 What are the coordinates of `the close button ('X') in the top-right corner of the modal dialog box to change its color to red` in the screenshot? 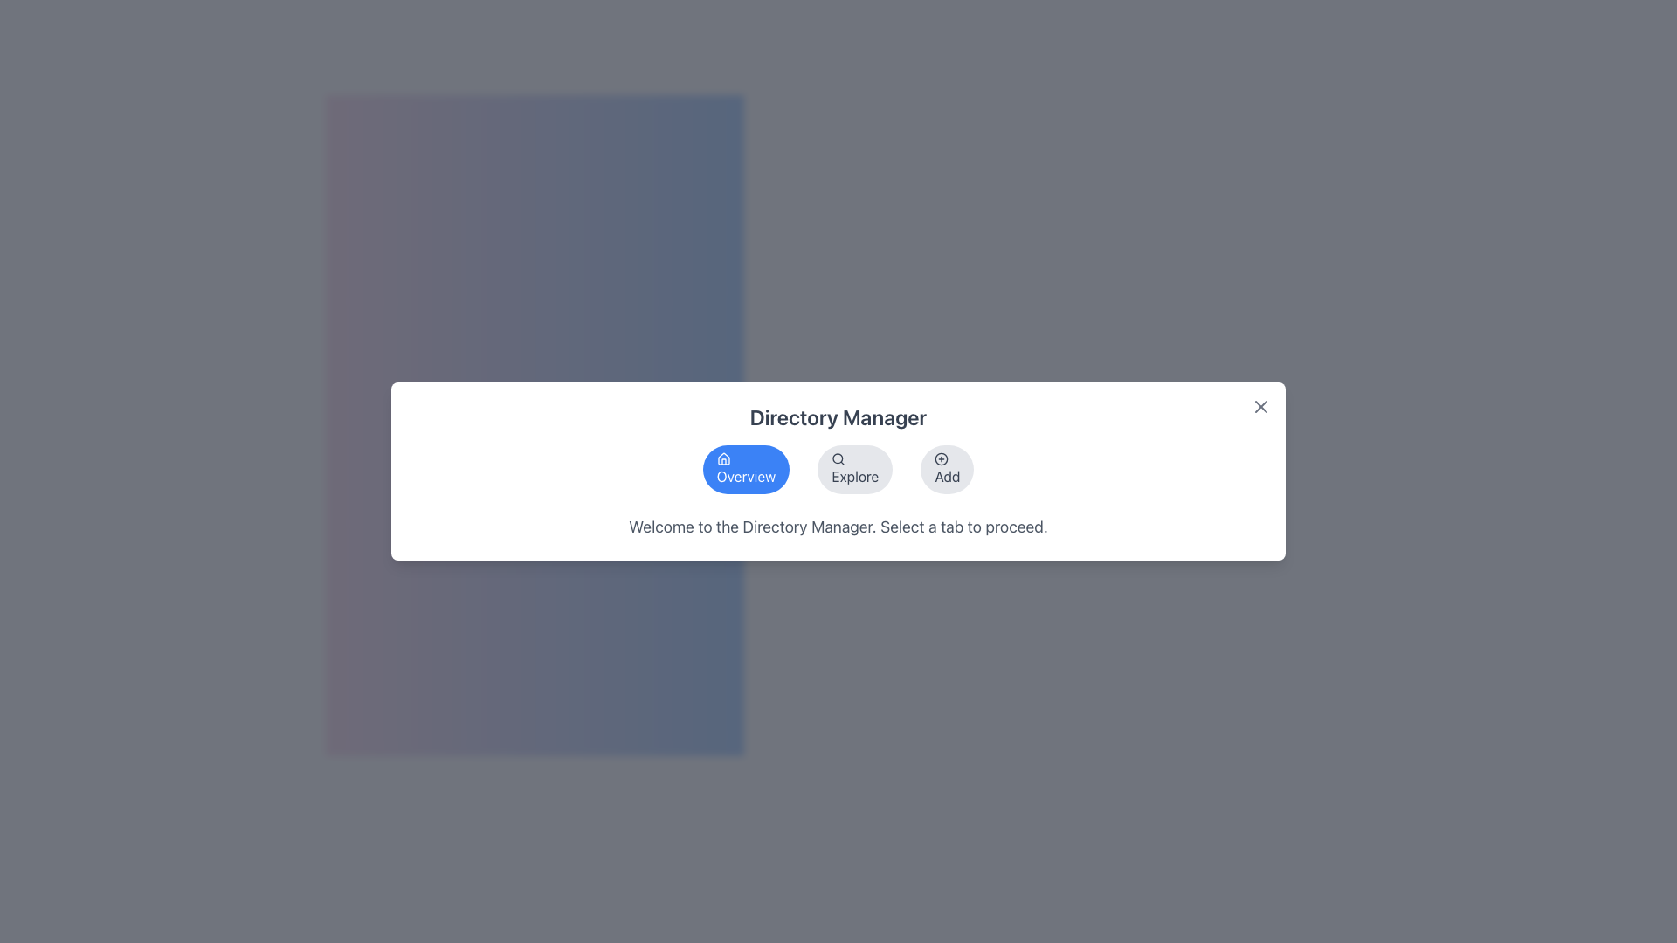 It's located at (1261, 407).